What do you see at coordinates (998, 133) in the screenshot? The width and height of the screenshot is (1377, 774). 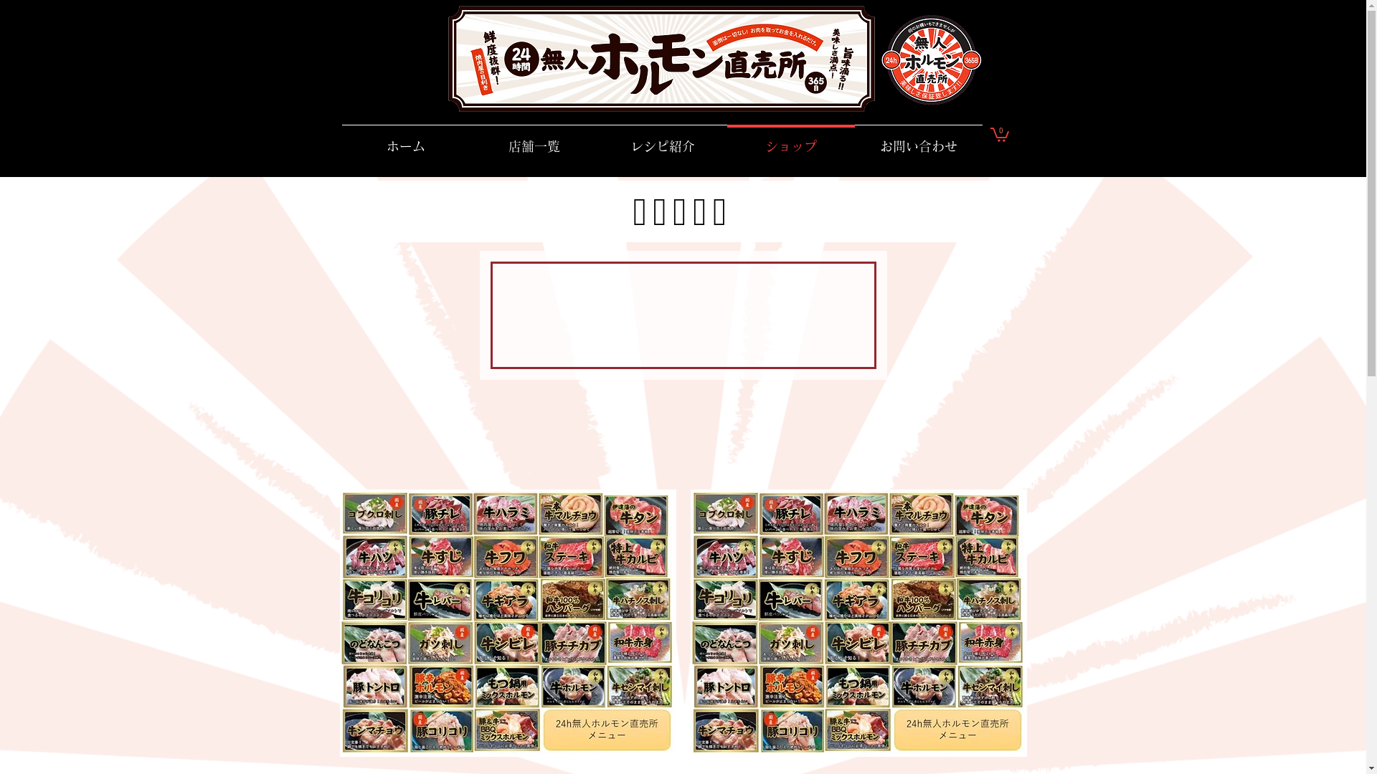 I see `'0'` at bounding box center [998, 133].